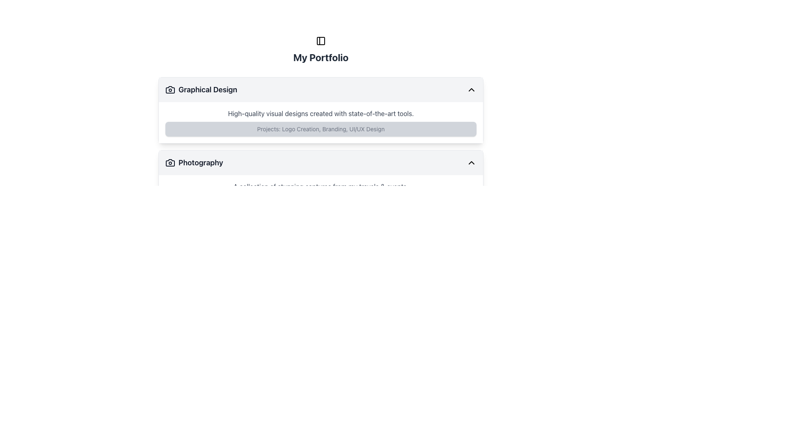 This screenshot has width=788, height=443. Describe the element at coordinates (321, 100) in the screenshot. I see `the 'Graphical Design' category section` at that location.